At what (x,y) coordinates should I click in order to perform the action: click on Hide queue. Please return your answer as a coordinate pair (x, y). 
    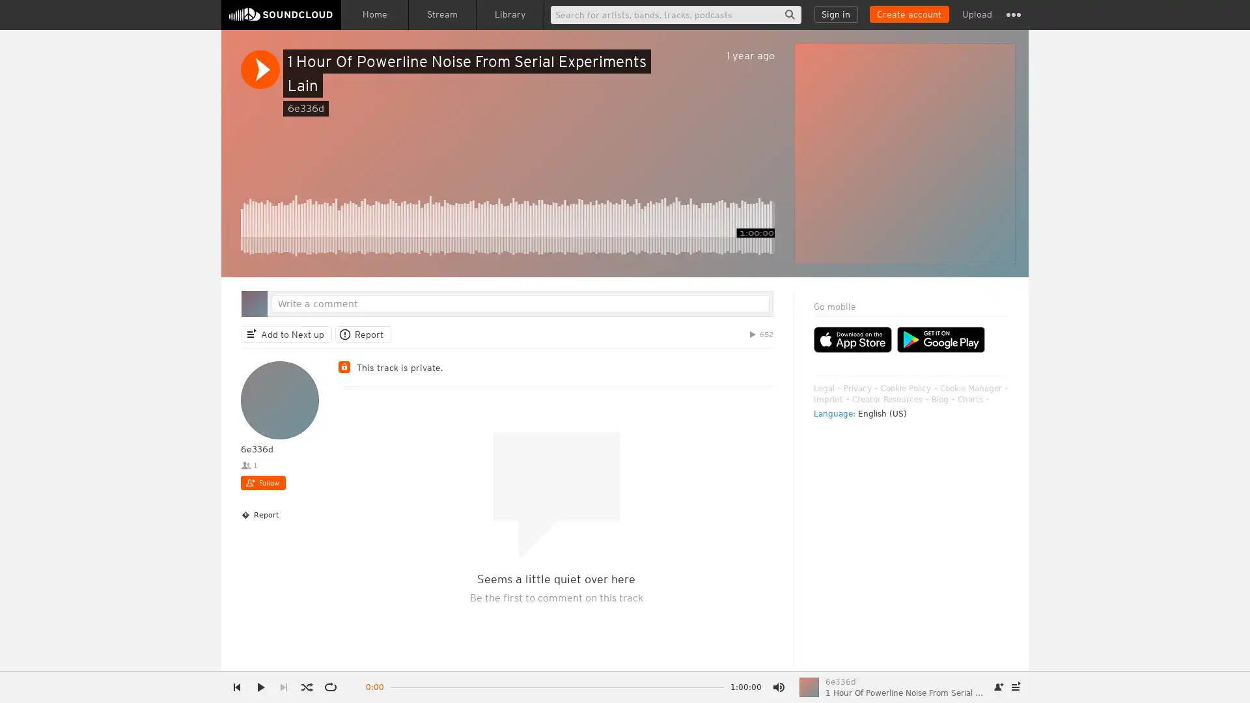
    Looking at the image, I should click on (1000, 323).